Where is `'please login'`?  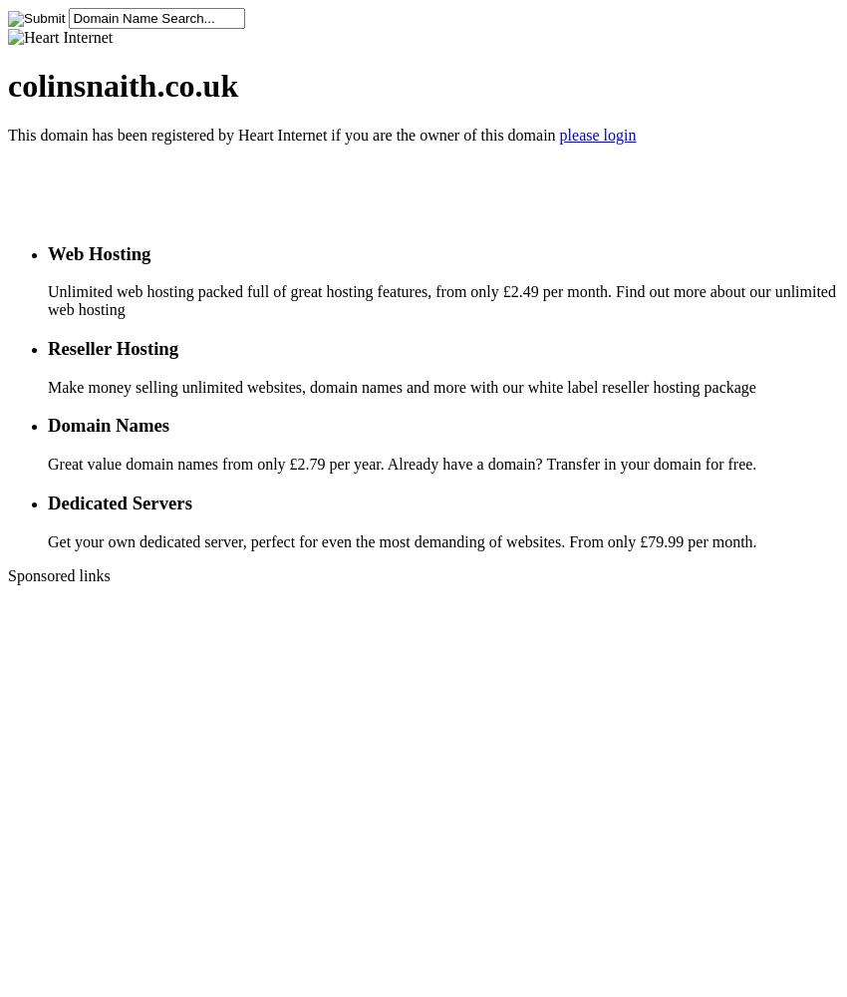
'please login' is located at coordinates (596, 134).